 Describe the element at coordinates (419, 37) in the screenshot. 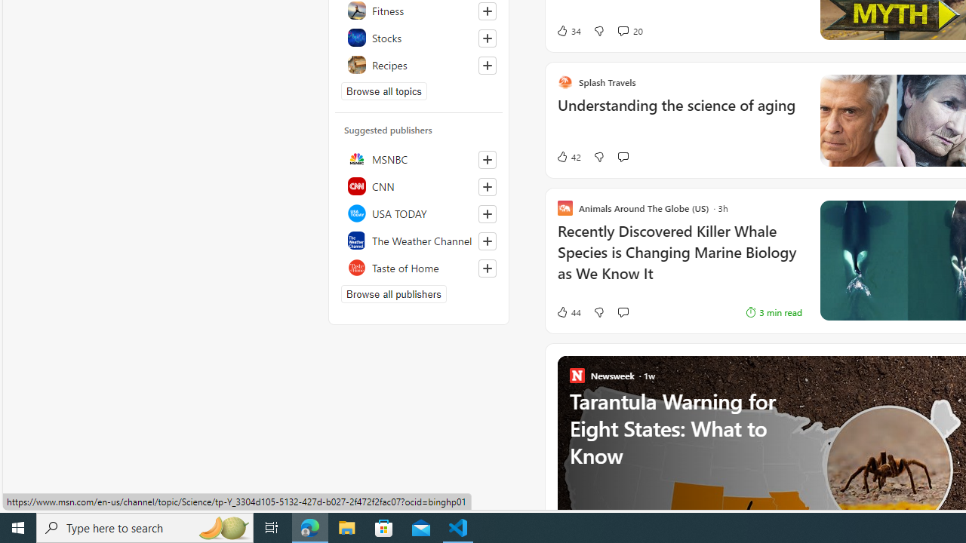

I see `'Stocks'` at that location.